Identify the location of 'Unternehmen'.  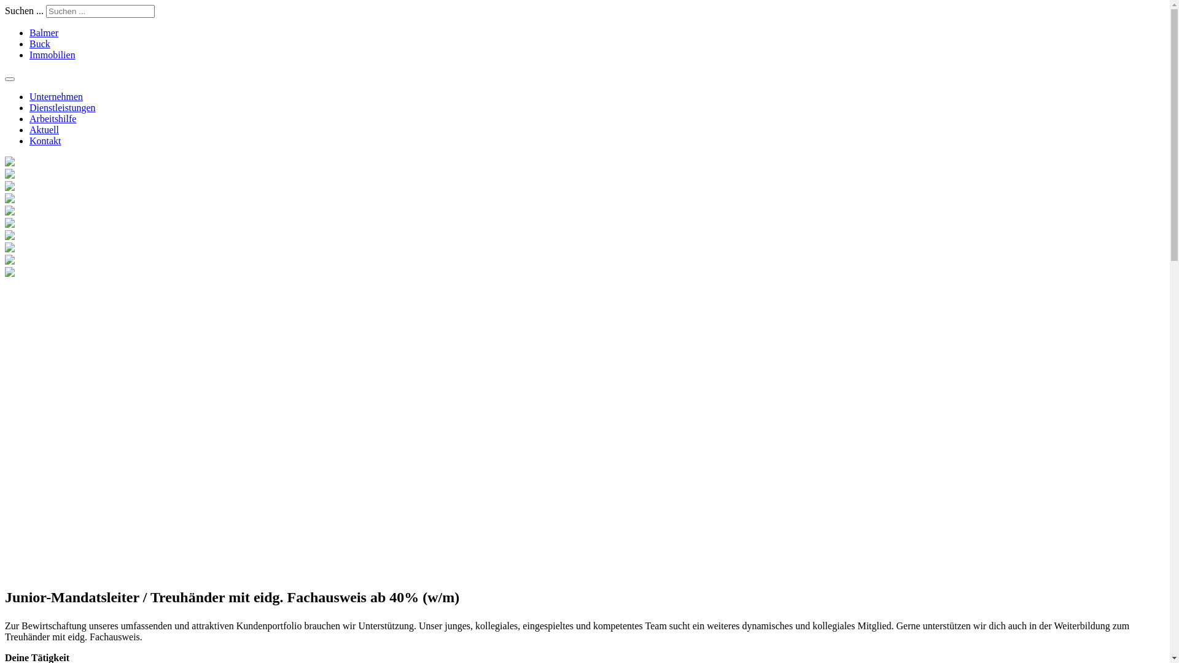
(55, 96).